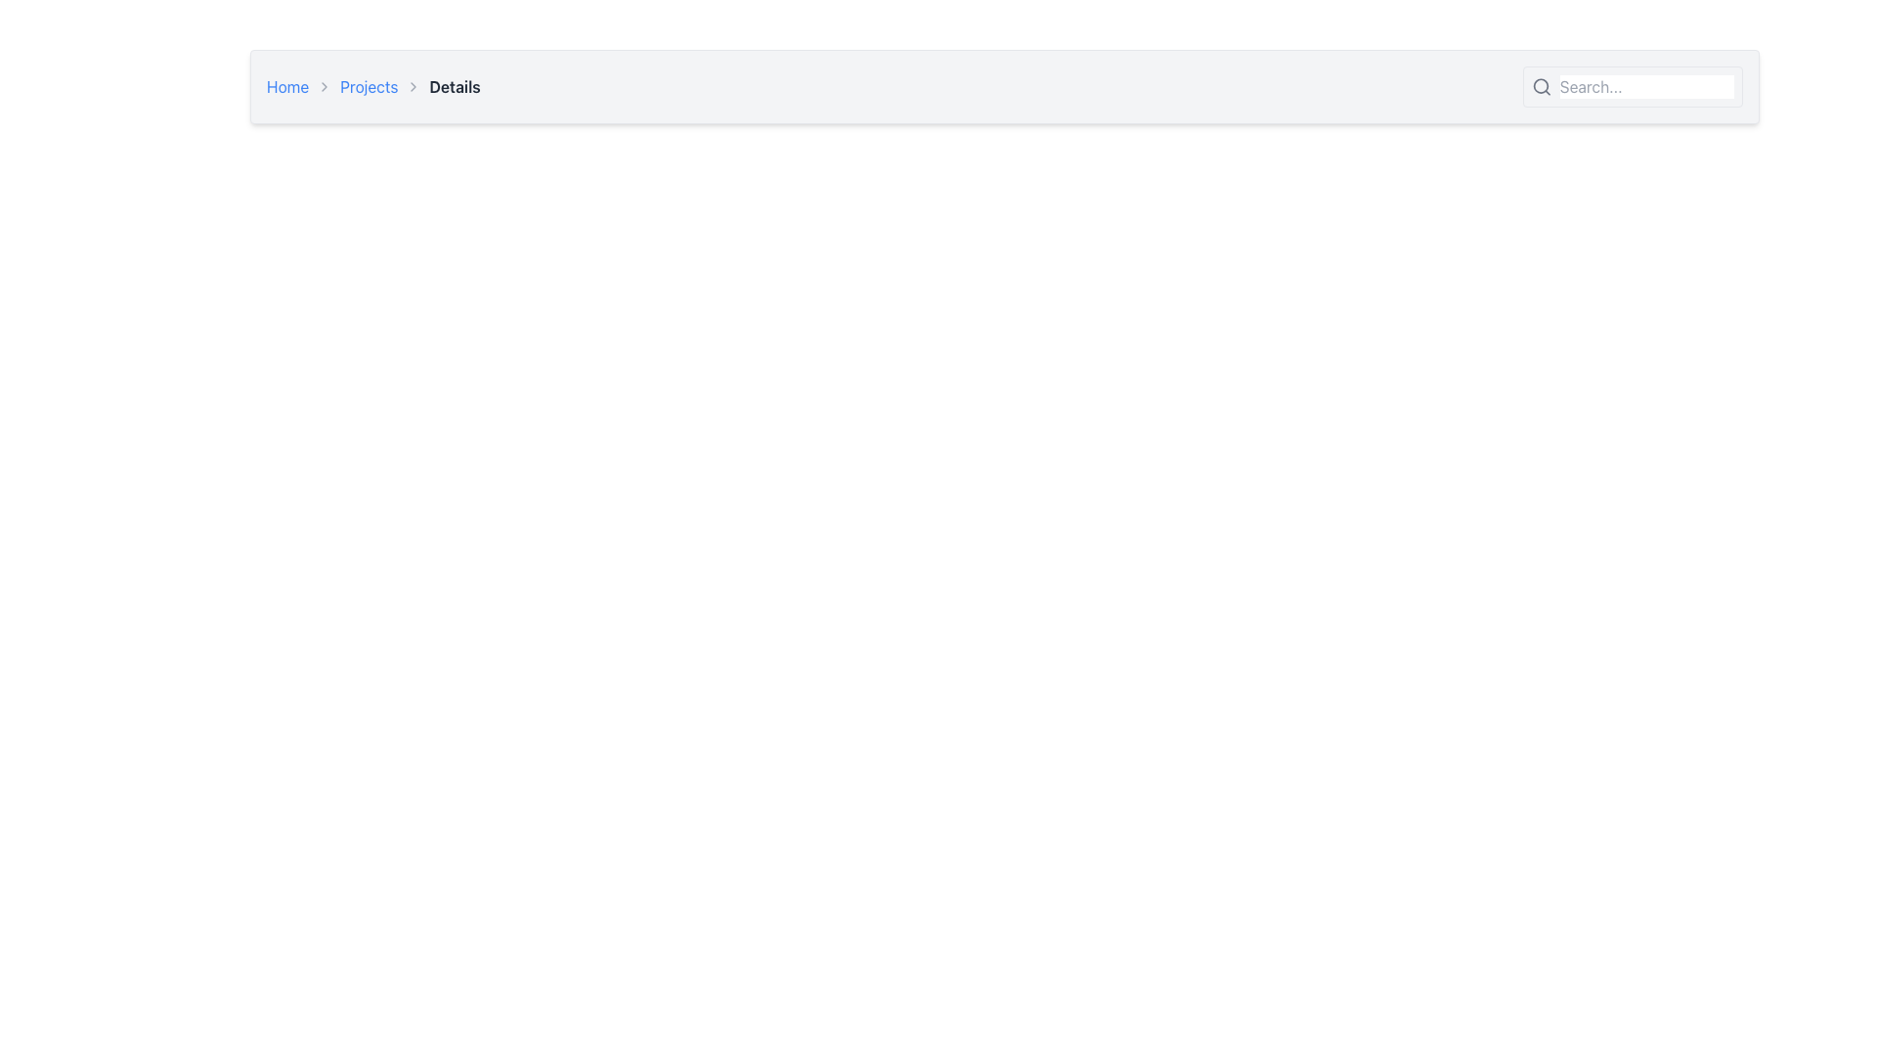 The height and width of the screenshot is (1056, 1877). I want to click on the static text element labeled 'Details' in the breadcrumb navigation, which is the last segment following 'Projects', so click(454, 85).